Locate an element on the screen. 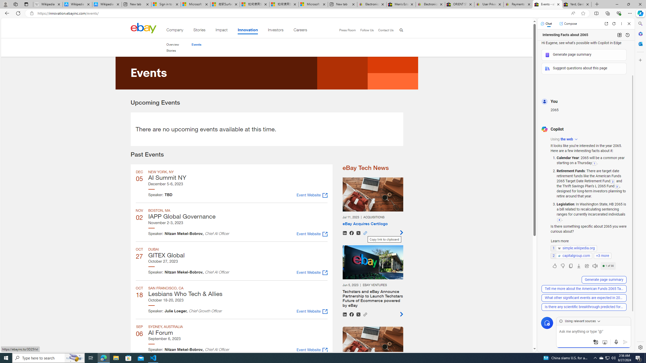  'Payments Terms of Use | eBay.com' is located at coordinates (518, 4).